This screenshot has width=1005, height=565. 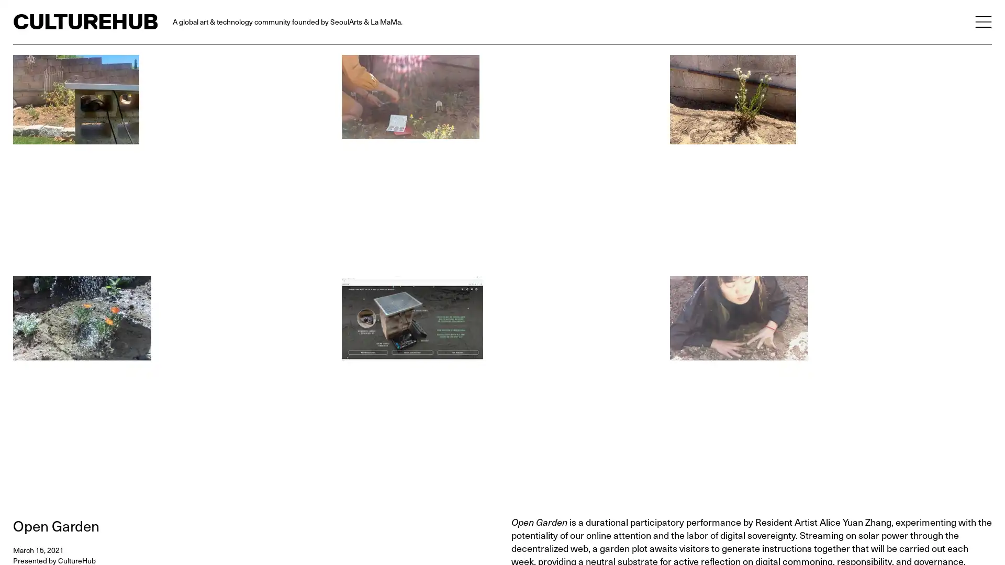 I want to click on View fullsize Web view - off.png, so click(x=501, y=383).